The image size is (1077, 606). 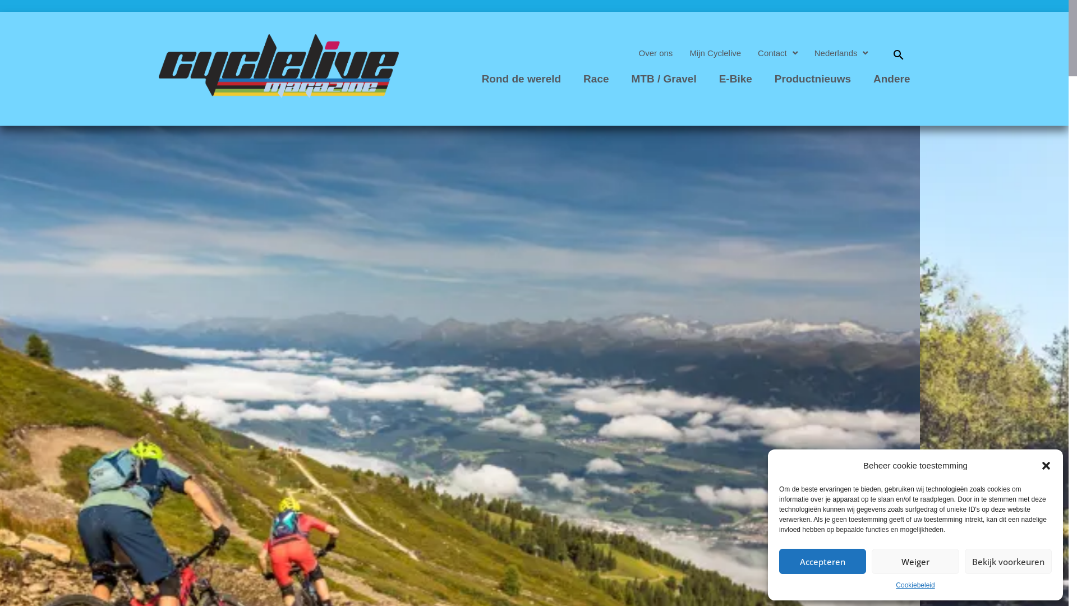 What do you see at coordinates (1008, 561) in the screenshot?
I see `'Bekijk voorkeuren'` at bounding box center [1008, 561].